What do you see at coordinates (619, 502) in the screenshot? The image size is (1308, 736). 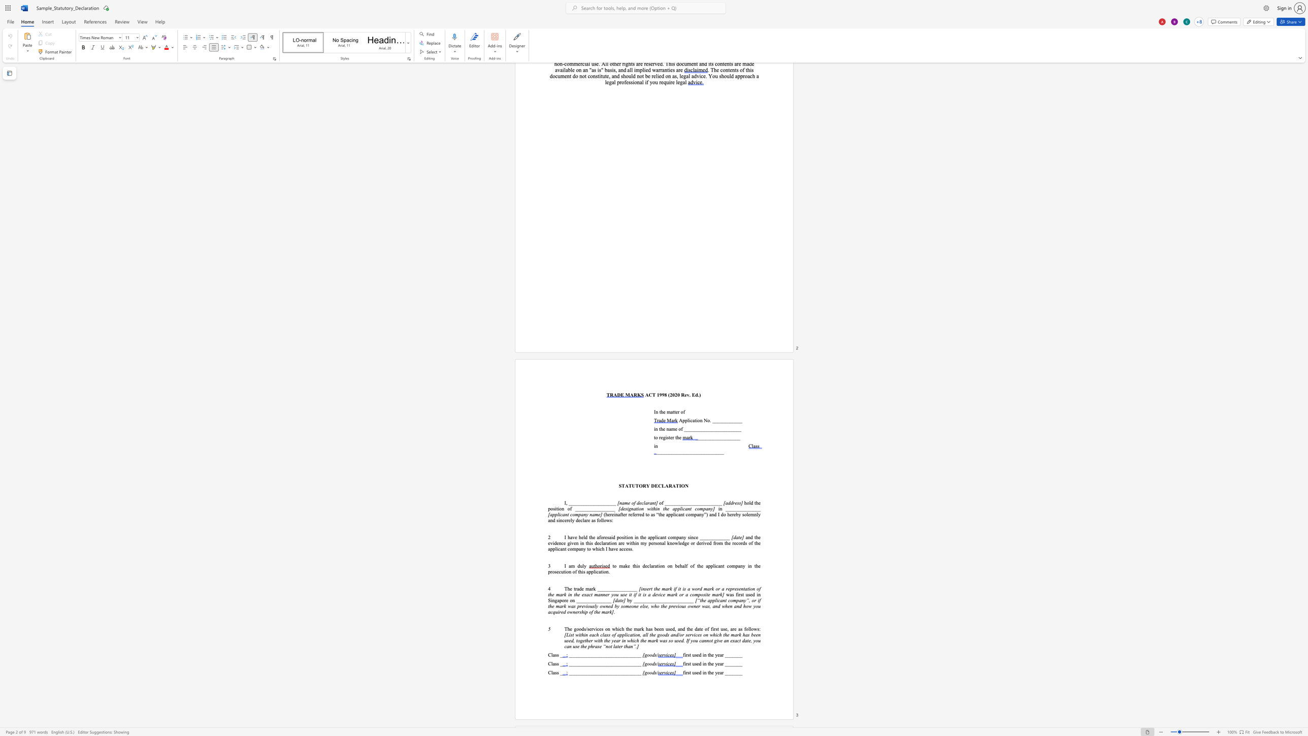 I see `the space between the continuous character "[" and "n" in the text` at bounding box center [619, 502].